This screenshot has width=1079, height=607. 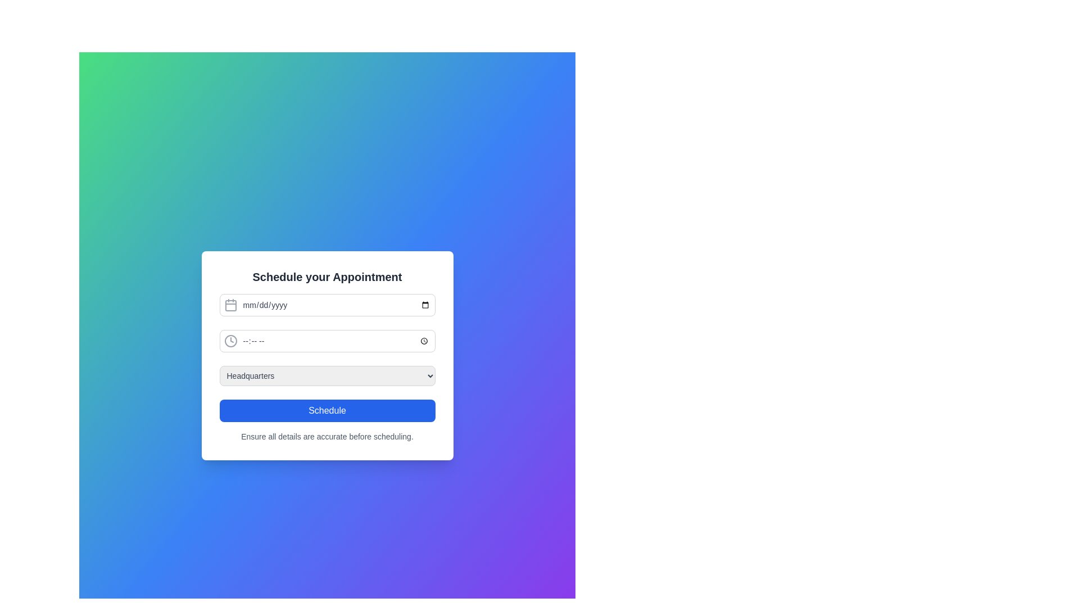 What do you see at coordinates (230, 340) in the screenshot?
I see `the clock icon, which is a modern, minimalistic design with a circular outline and clock hands, to focus on the time input field located at the top left of the input box` at bounding box center [230, 340].